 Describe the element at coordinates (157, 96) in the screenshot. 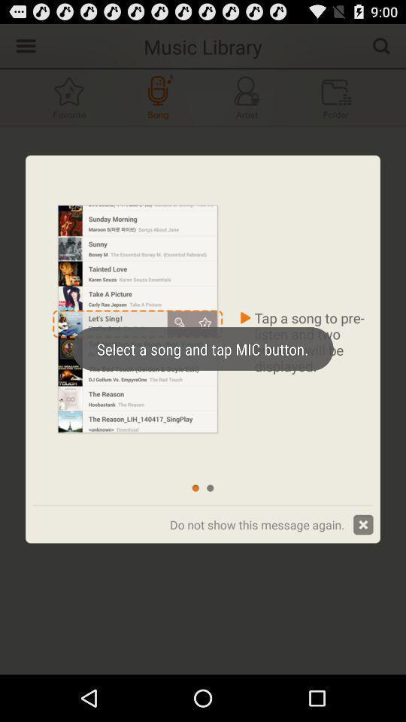

I see `clip to hear the song` at that location.